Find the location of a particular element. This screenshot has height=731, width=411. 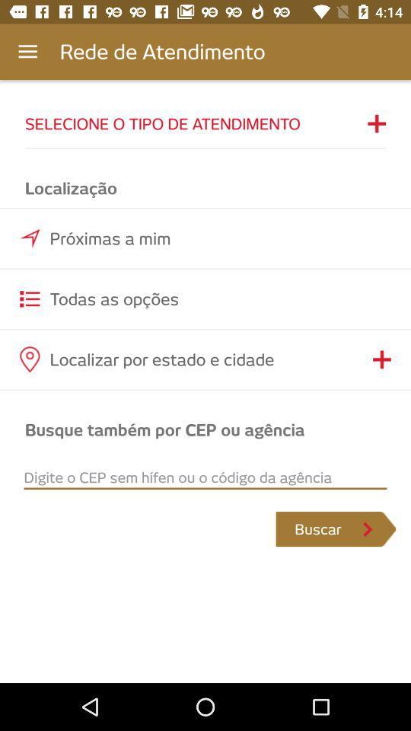

item above the selecione o tipo is located at coordinates (27, 52).